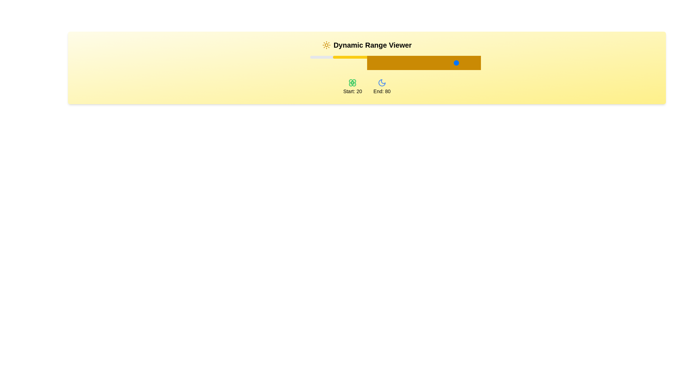 The height and width of the screenshot is (384, 683). Describe the element at coordinates (370, 63) in the screenshot. I see `the slider value` at that location.